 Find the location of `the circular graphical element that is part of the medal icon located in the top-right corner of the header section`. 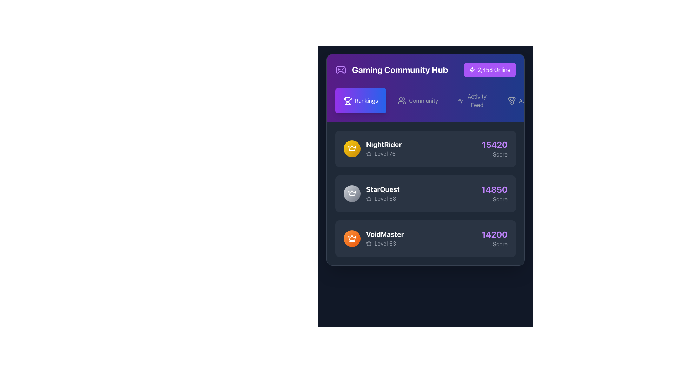

the circular graphical element that is part of the medal icon located in the top-right corner of the header section is located at coordinates (512, 102).